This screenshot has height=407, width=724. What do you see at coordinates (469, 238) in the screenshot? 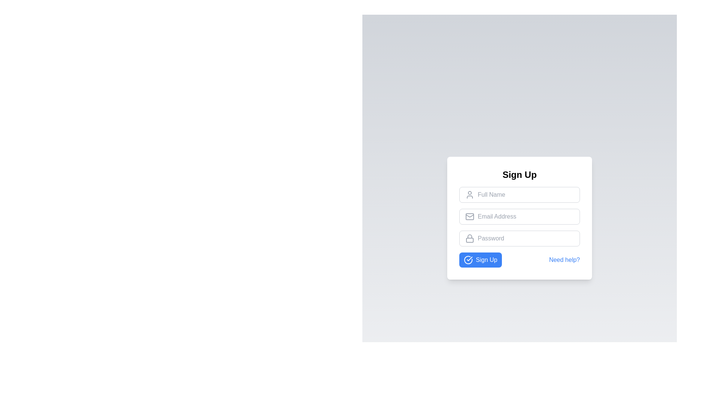
I see `the password entry icon located inside the password input field, adjacent to the placeholder text 'Password'` at bounding box center [469, 238].